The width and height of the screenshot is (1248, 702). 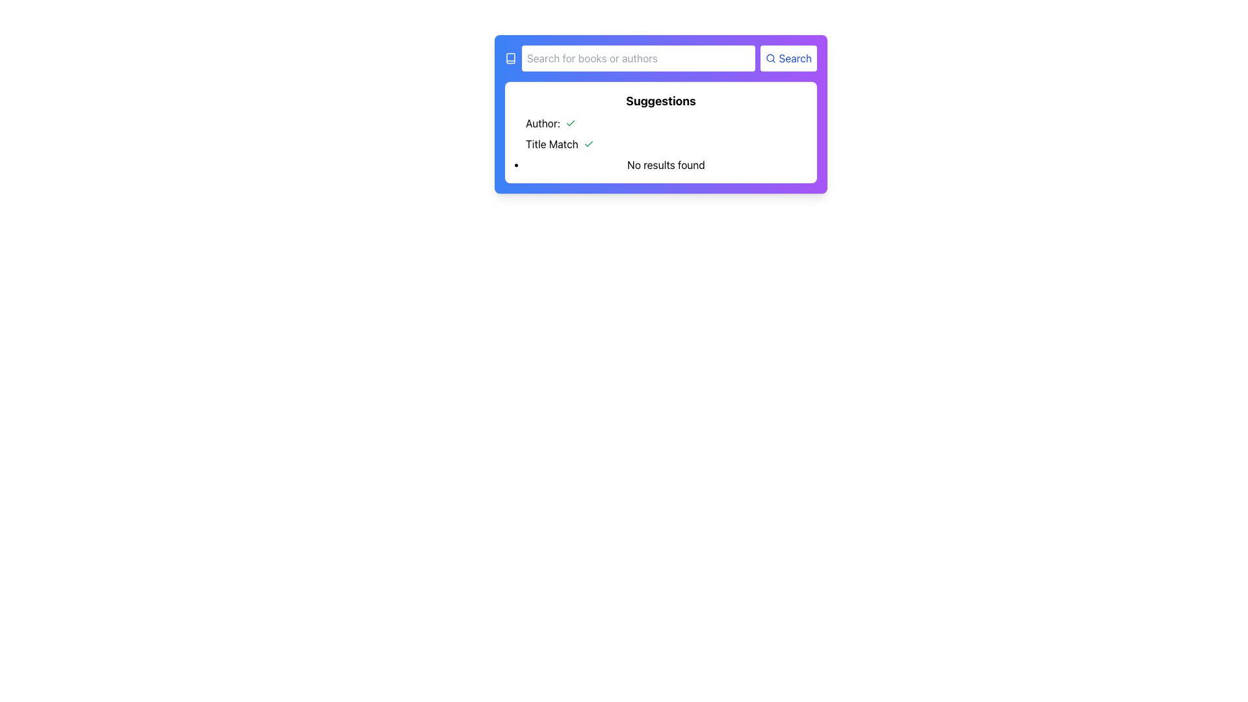 I want to click on the bold text label displaying 'Suggestions', which is prominently placed at the top of a white box with rounded corners and a subtle shadow, so click(x=661, y=100).